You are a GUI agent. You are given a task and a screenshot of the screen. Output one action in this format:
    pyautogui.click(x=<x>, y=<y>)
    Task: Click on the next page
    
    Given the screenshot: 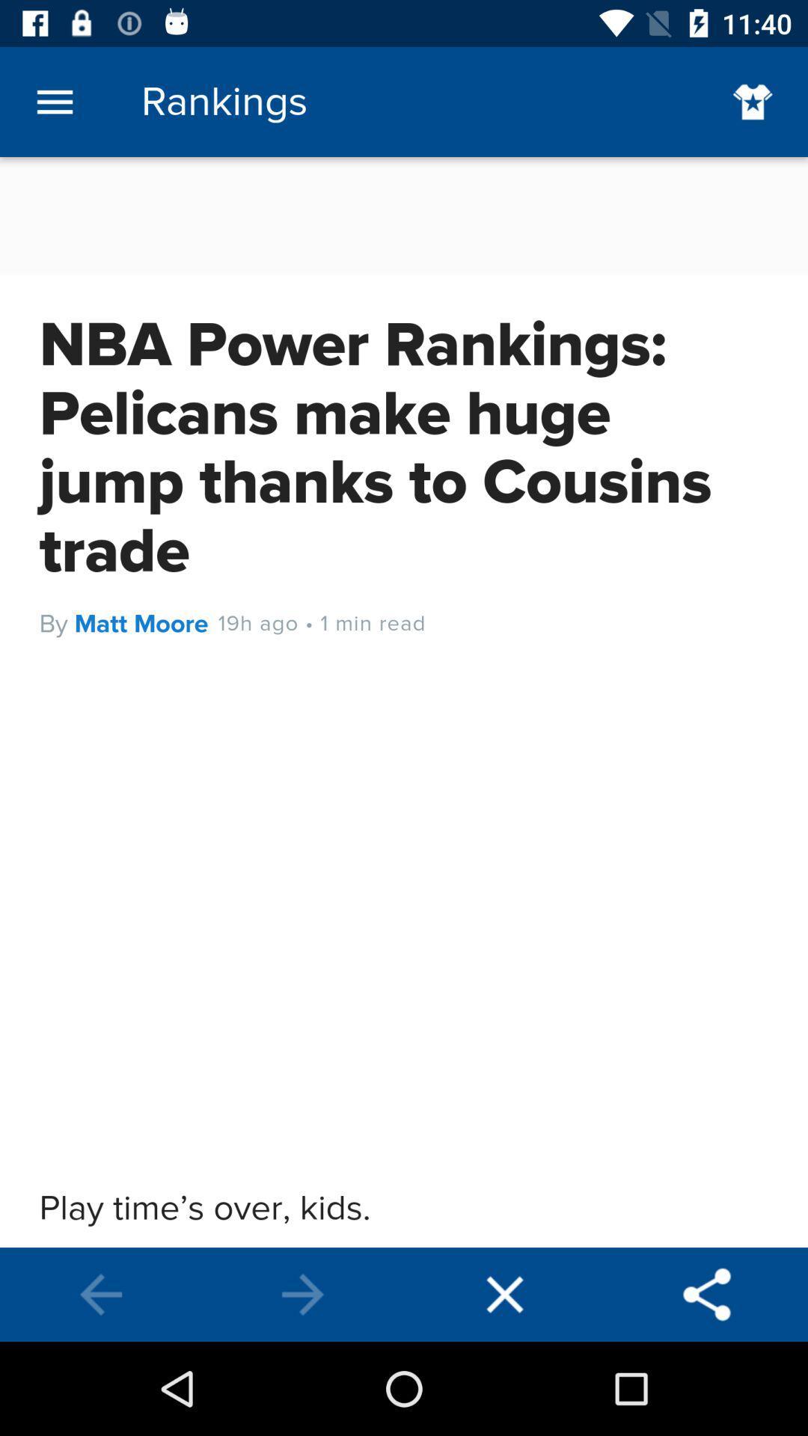 What is the action you would take?
    pyautogui.click(x=303, y=1294)
    